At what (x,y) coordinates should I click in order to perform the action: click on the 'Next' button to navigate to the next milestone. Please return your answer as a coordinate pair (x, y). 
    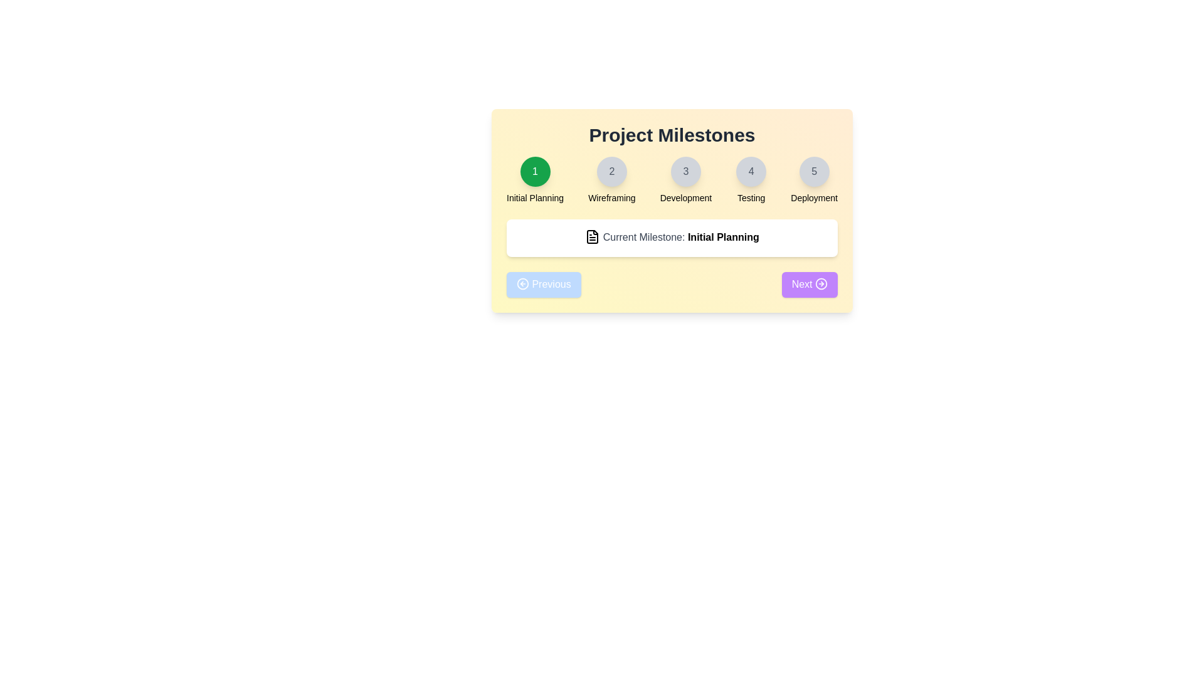
    Looking at the image, I should click on (810, 285).